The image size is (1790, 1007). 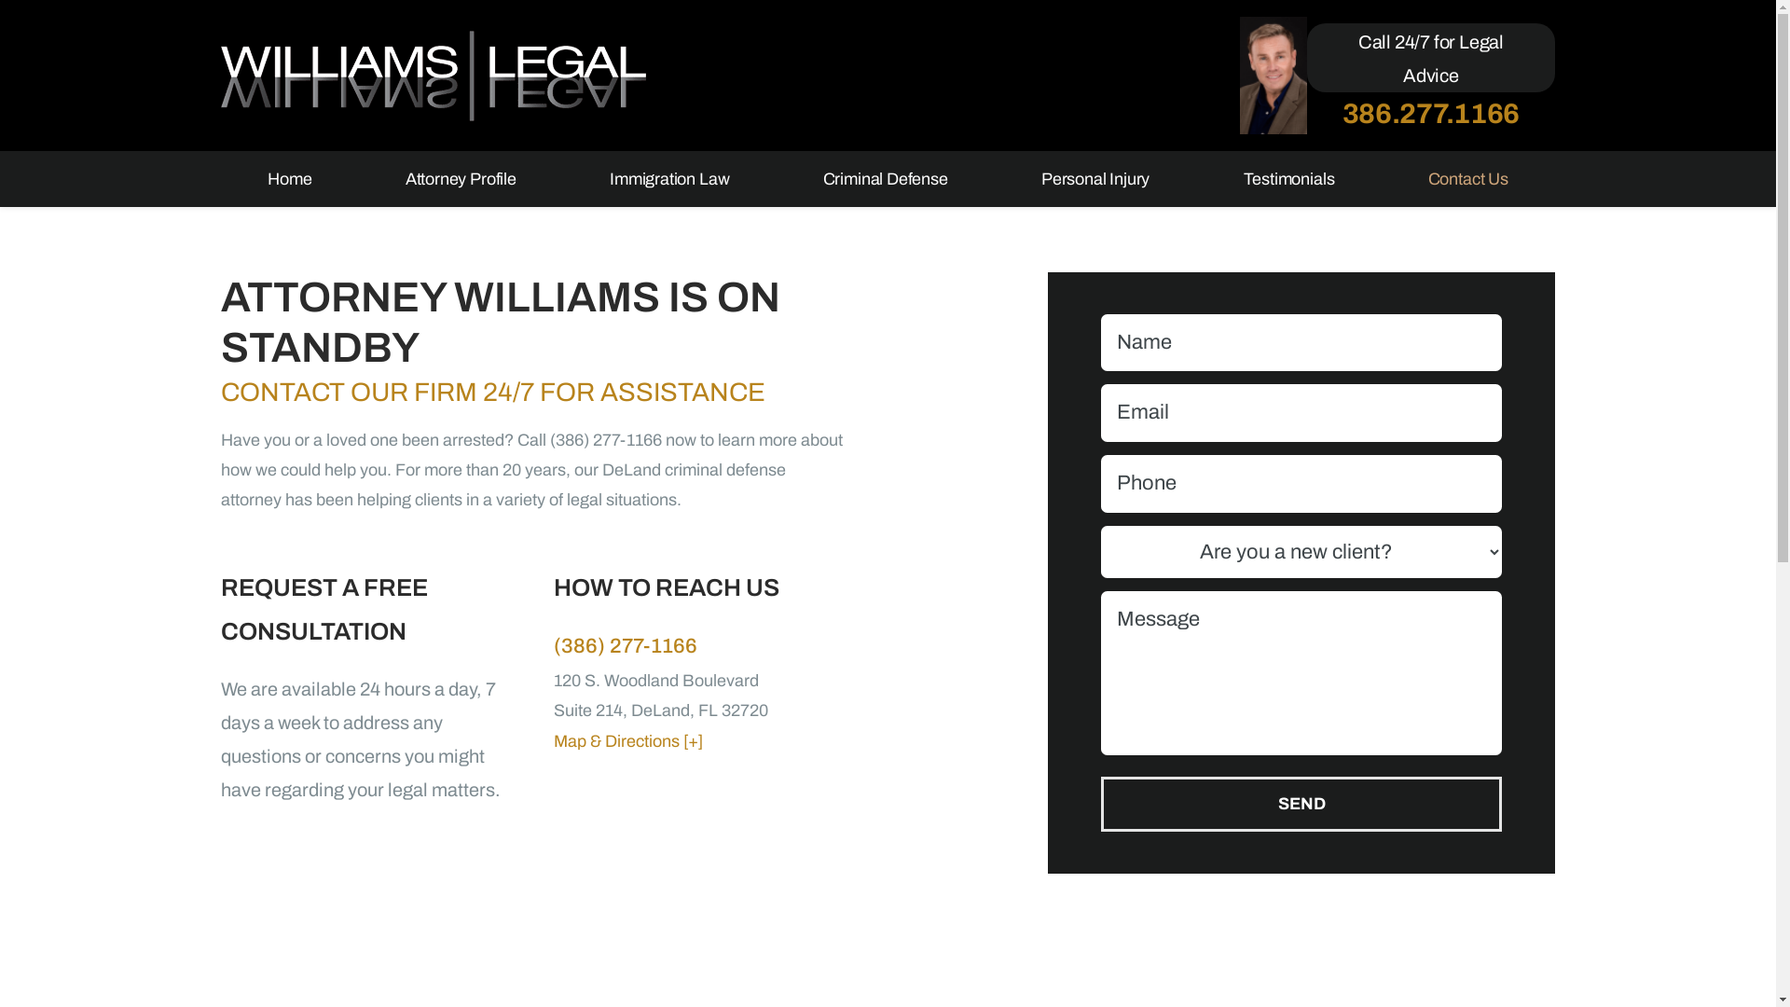 What do you see at coordinates (884, 179) in the screenshot?
I see `'Criminal Defense'` at bounding box center [884, 179].